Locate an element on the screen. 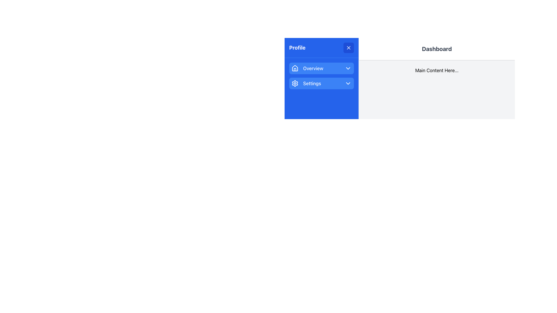  the 'Overview' icon located in the vertical menu on the left side of the interface, which serves as a visual indicator for the 'Overview' section is located at coordinates (295, 68).